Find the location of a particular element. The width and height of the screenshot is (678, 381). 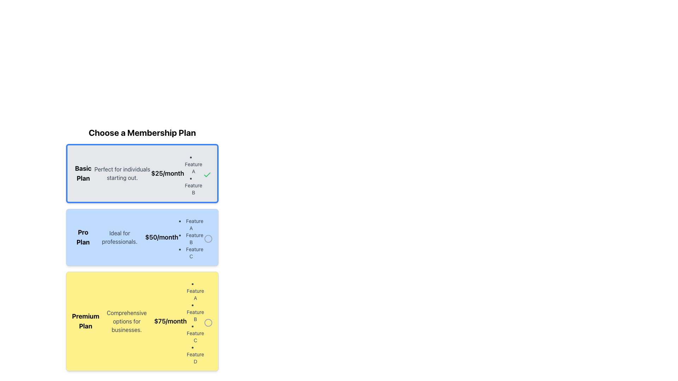

text label 'Feature B' which is the second item in the bulleted list within the blue card labeled 'Pro Plan' is located at coordinates (191, 238).